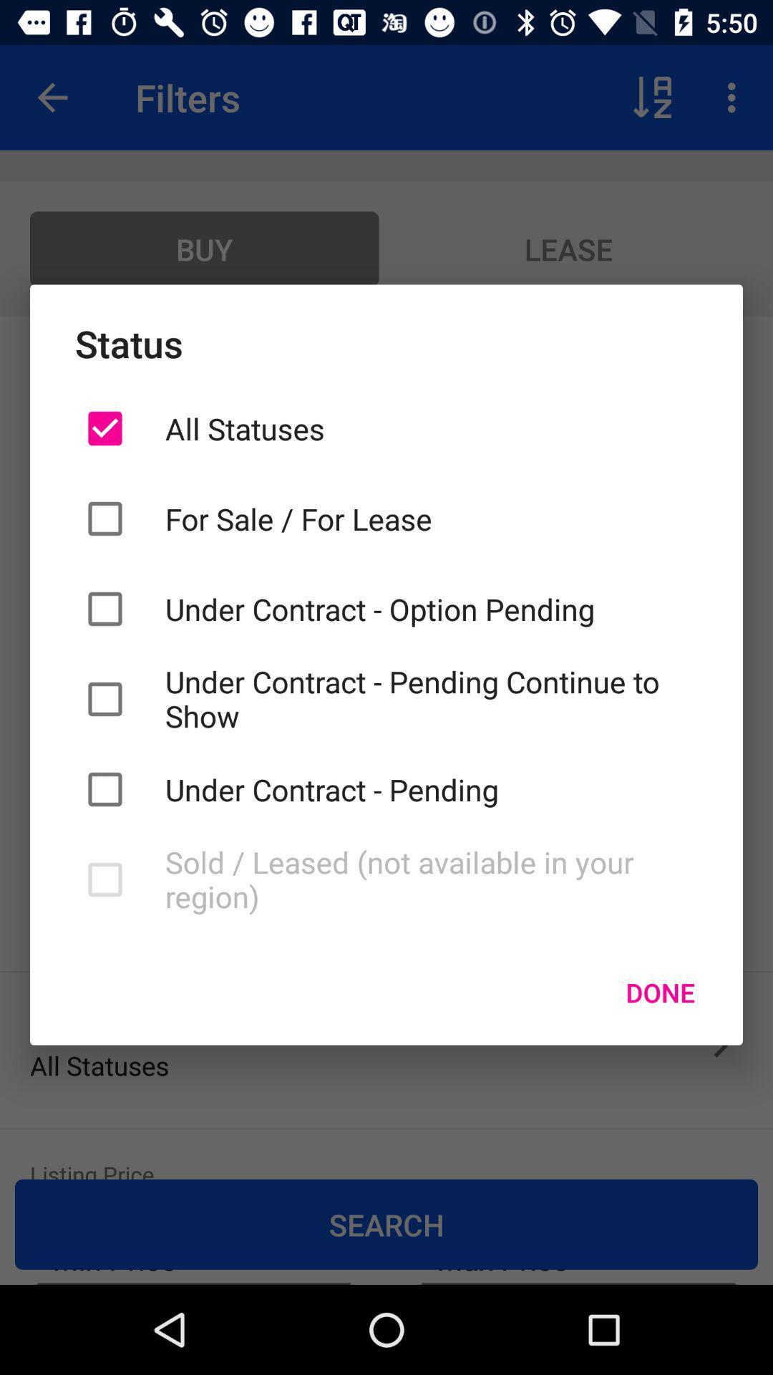  What do you see at coordinates (430, 879) in the screenshot?
I see `the item below the under contract - pending item` at bounding box center [430, 879].